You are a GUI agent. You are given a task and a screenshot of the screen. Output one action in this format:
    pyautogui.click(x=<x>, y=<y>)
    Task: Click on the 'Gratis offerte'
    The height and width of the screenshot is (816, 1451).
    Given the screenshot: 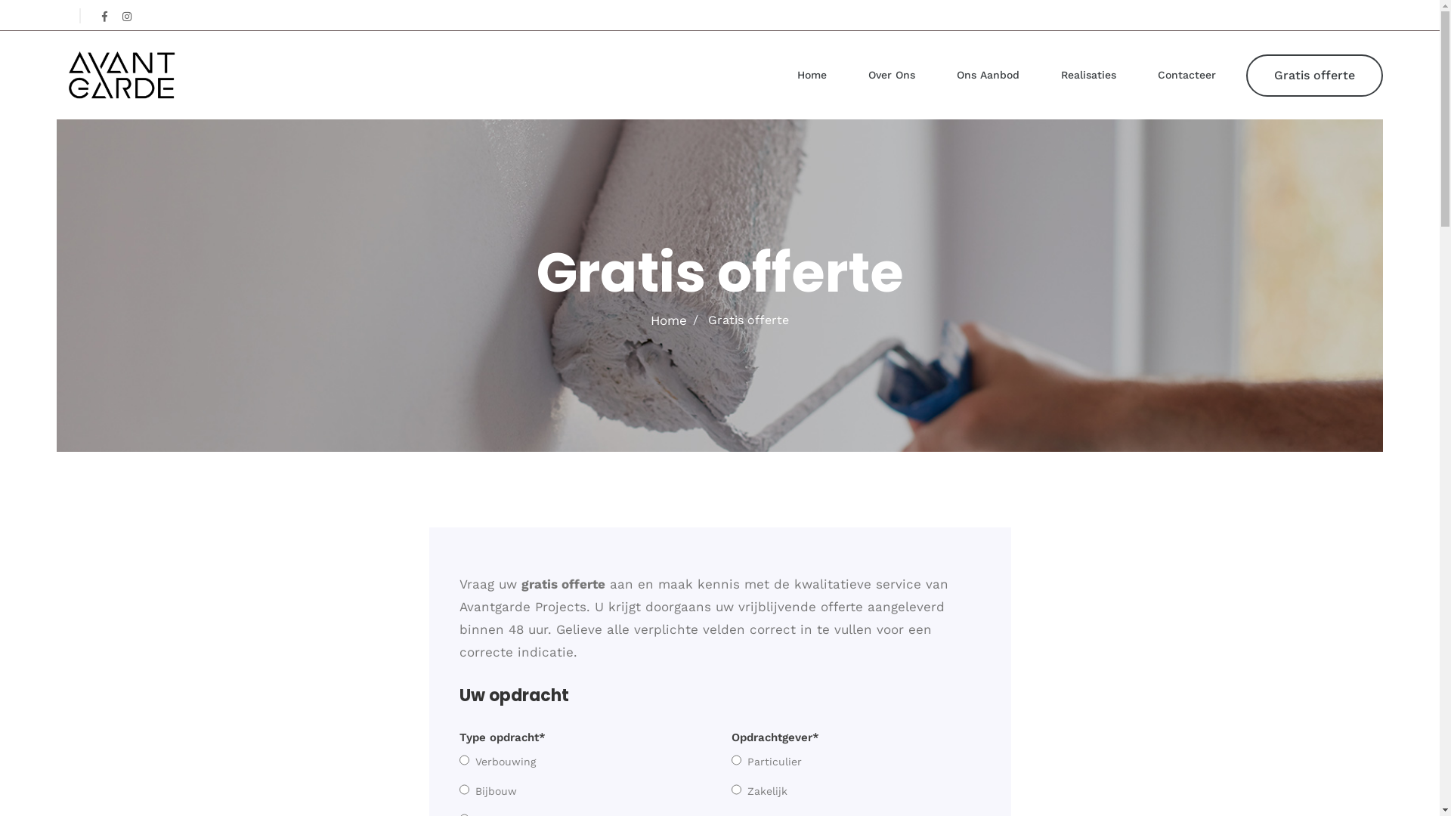 What is the action you would take?
    pyautogui.click(x=1313, y=76)
    